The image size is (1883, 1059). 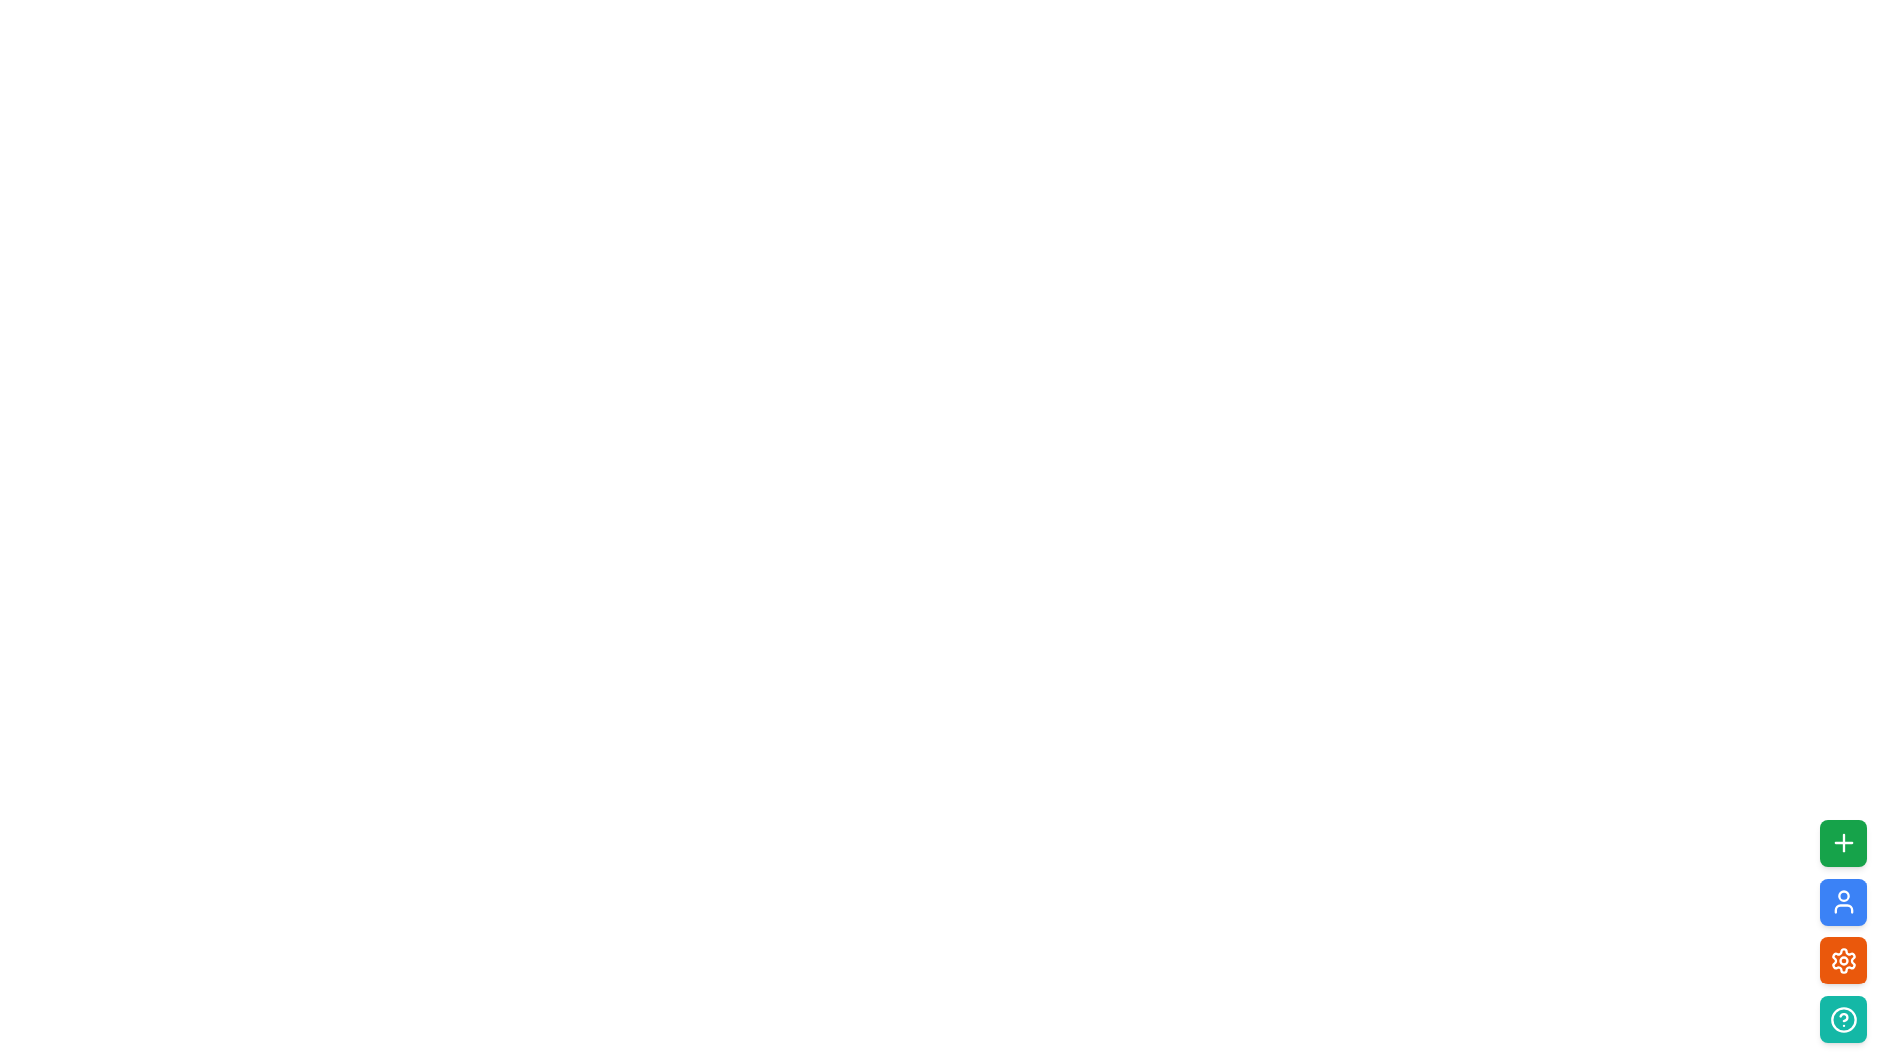 What do you see at coordinates (1843, 902) in the screenshot?
I see `the user profile button with a blue background and white icon` at bounding box center [1843, 902].